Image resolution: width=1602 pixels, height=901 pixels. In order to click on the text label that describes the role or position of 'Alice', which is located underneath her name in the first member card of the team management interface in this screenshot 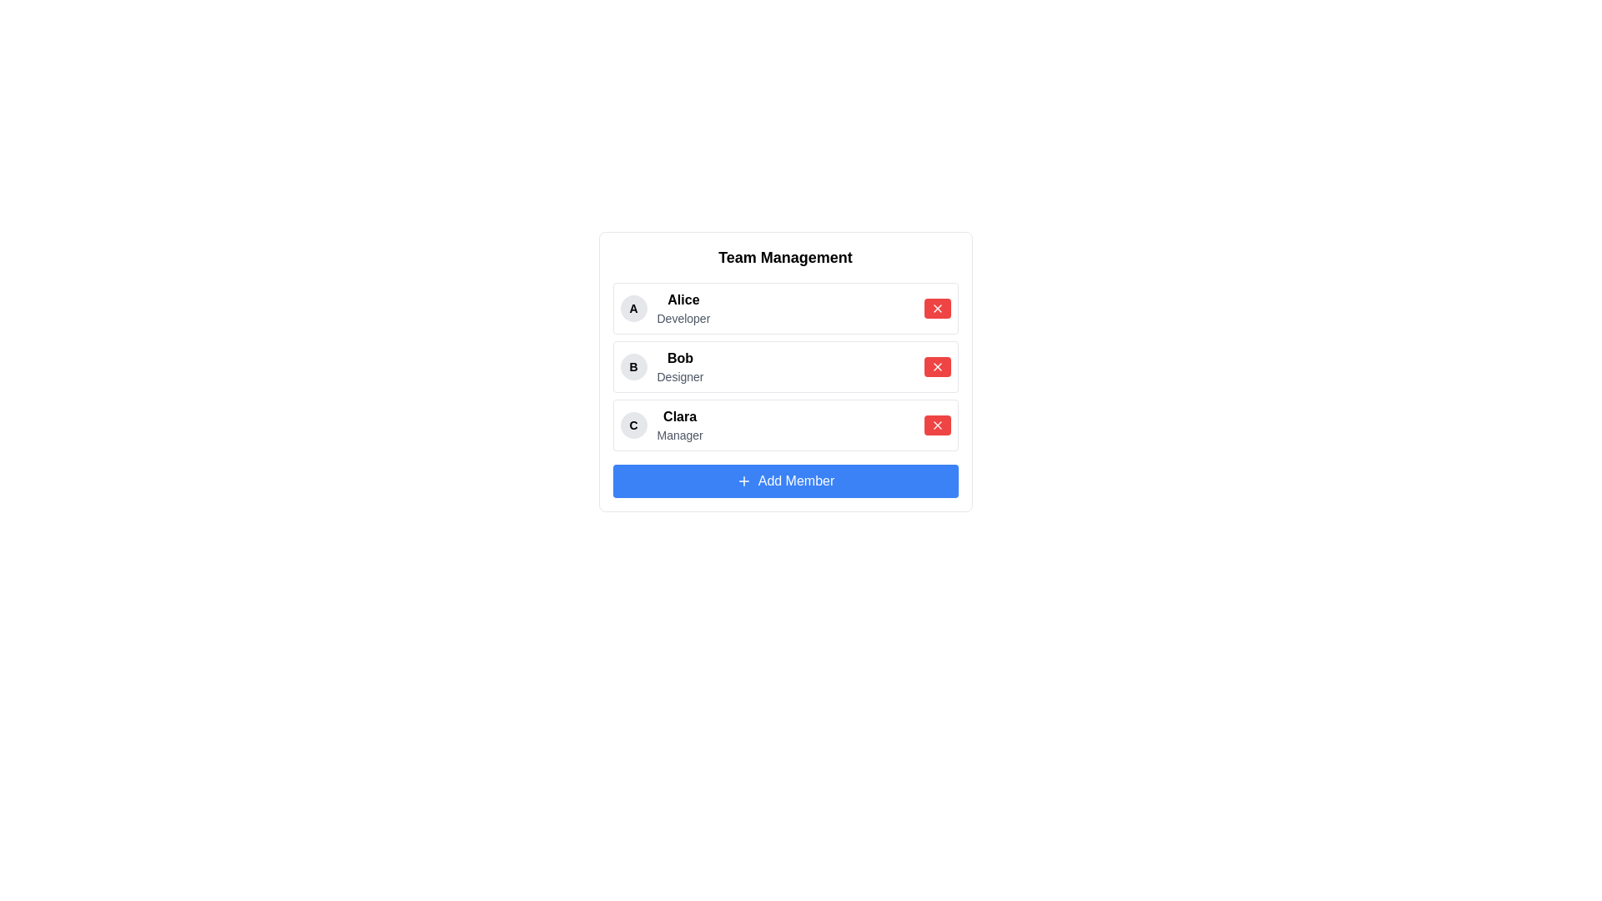, I will do `click(683, 318)`.